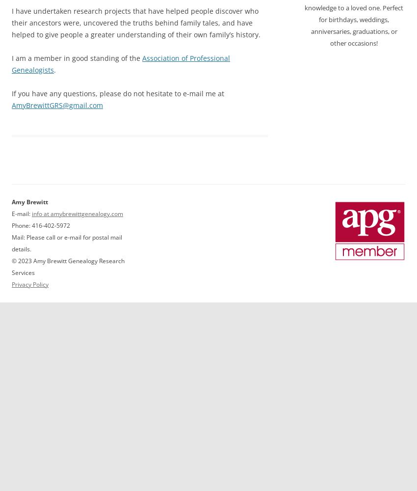 This screenshot has height=491, width=417. I want to click on 'Privacy Policy', so click(11, 283).